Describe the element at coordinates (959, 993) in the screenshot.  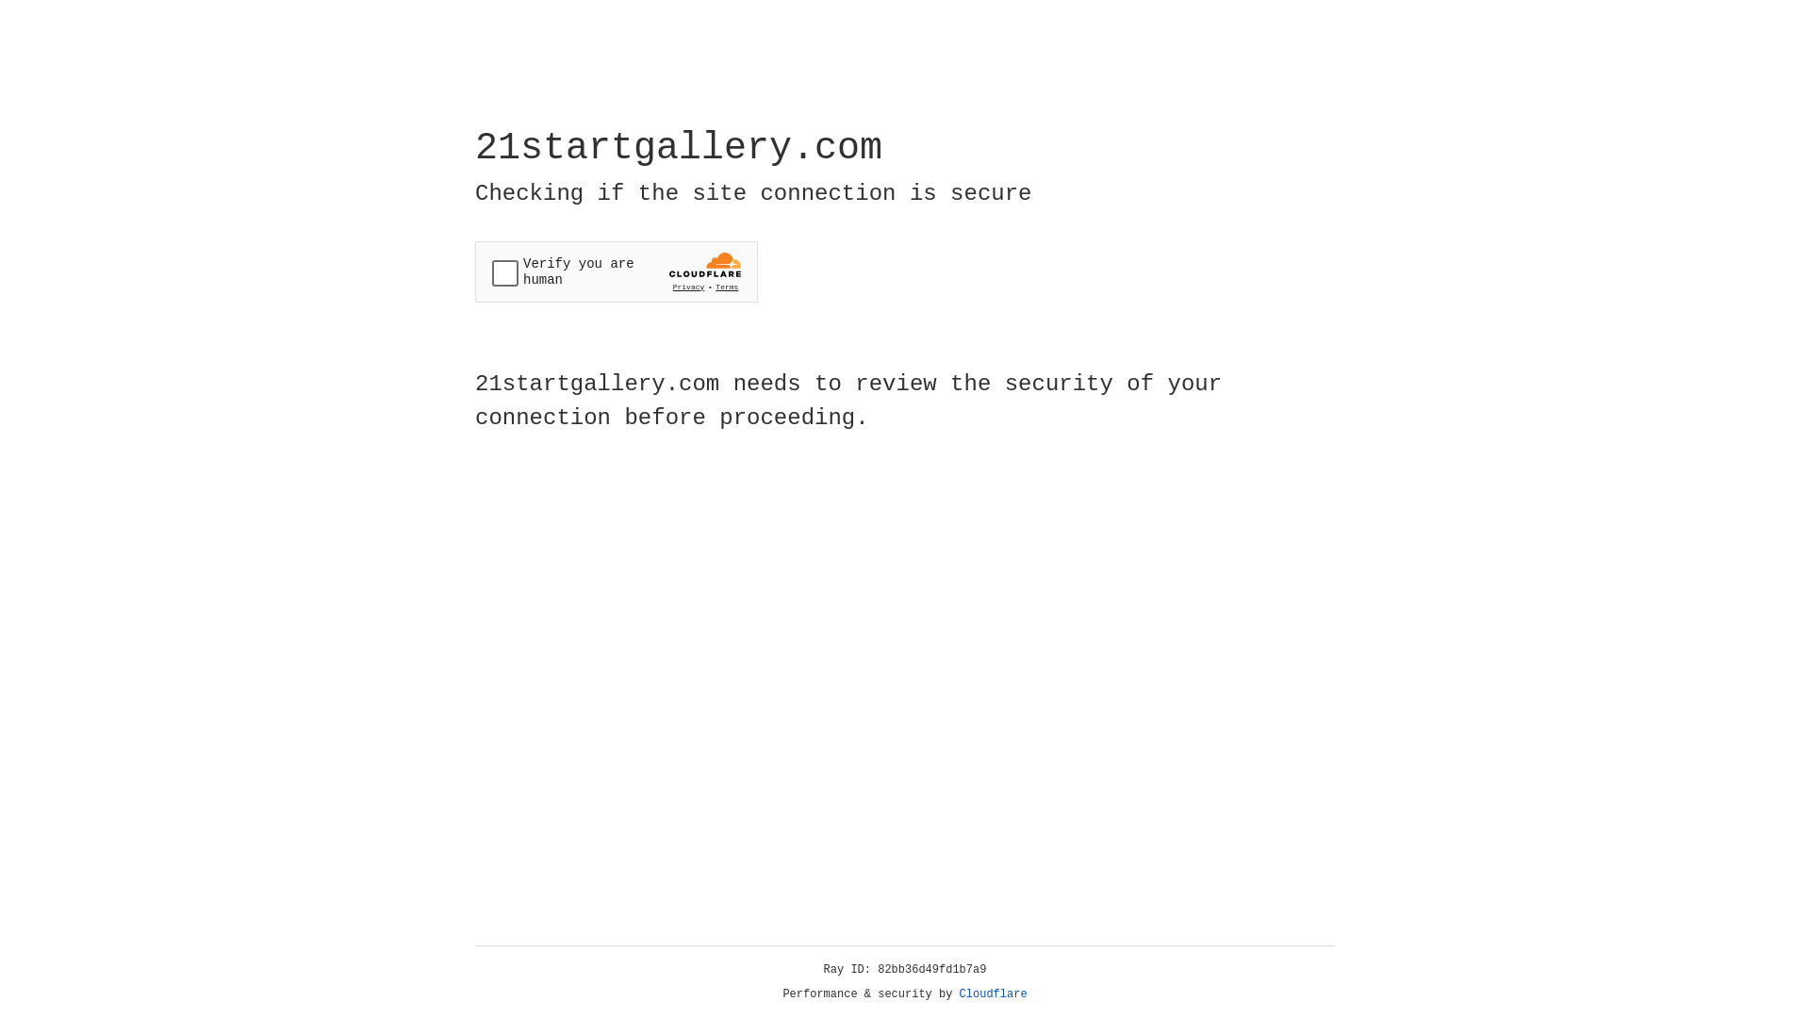
I see `'Cloudflare'` at that location.